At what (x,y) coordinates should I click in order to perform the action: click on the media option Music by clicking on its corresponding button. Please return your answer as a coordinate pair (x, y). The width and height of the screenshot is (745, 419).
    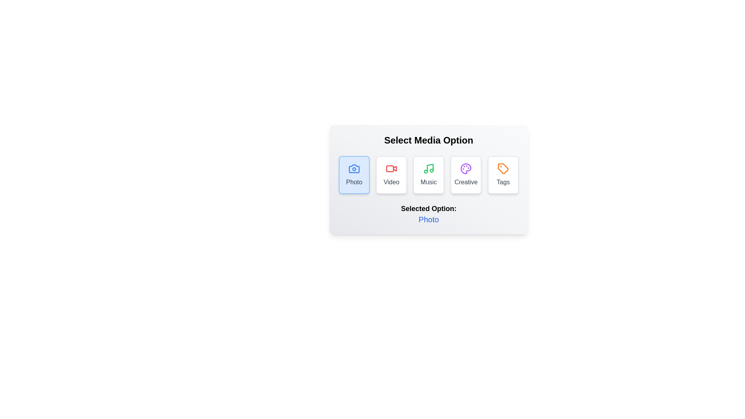
    Looking at the image, I should click on (428, 175).